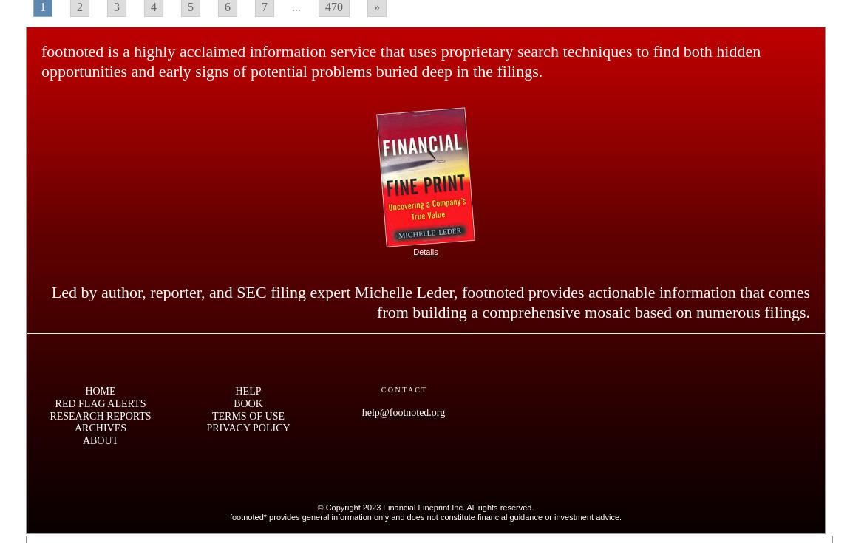 This screenshot has height=543, width=850. What do you see at coordinates (99, 402) in the screenshot?
I see `'RED FLAG ALERTS'` at bounding box center [99, 402].